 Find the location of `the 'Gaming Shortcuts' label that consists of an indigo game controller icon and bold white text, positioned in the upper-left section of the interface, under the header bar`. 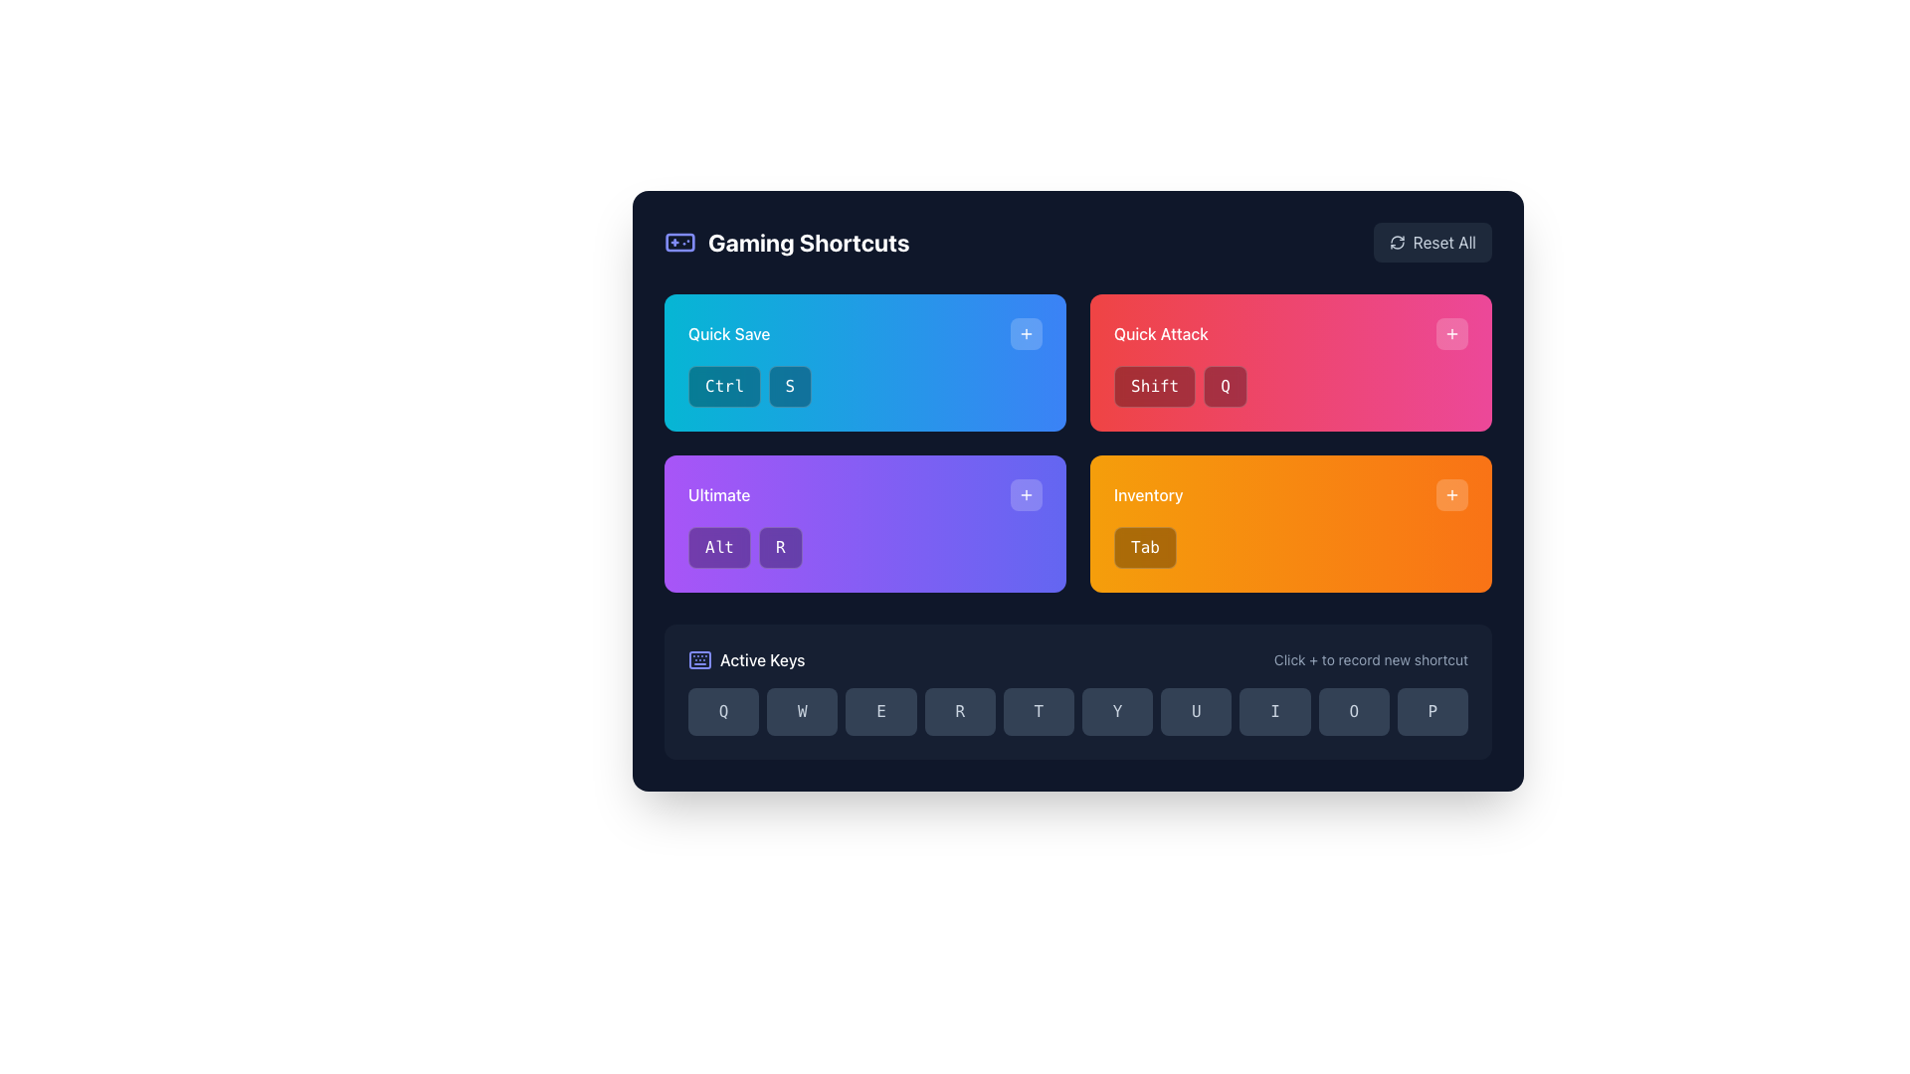

the 'Gaming Shortcuts' label that consists of an indigo game controller icon and bold white text, positioned in the upper-left section of the interface, under the header bar is located at coordinates (786, 241).